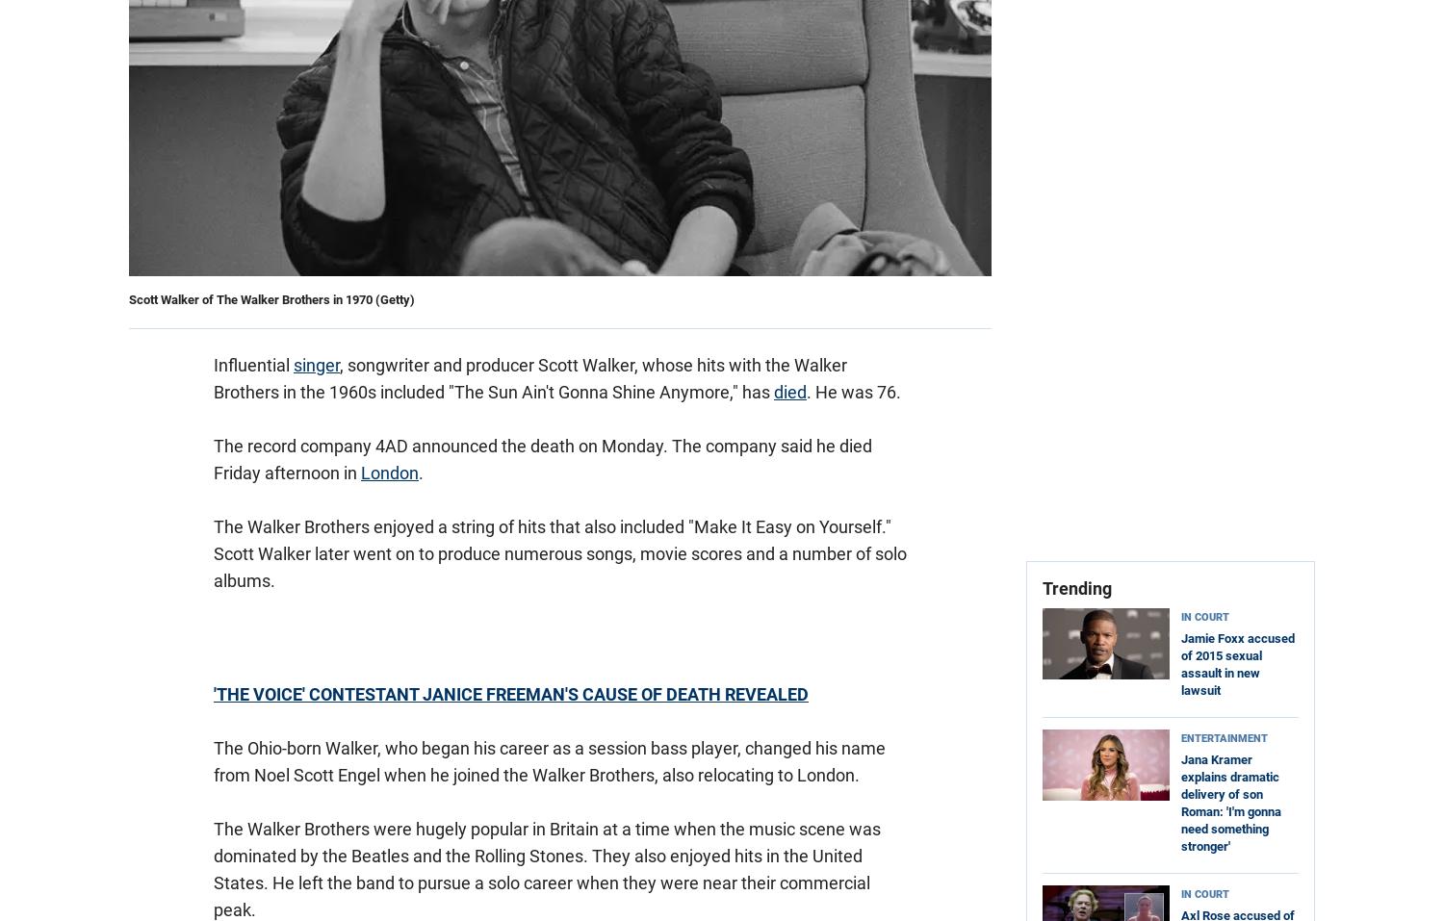 Image resolution: width=1444 pixels, height=921 pixels. I want to click on ', songwriter and producer Scott Walker, whose hits with the Walker Brothers in the 1960s included "The Sun Ain't Gonna Shine Anymore," has', so click(213, 377).